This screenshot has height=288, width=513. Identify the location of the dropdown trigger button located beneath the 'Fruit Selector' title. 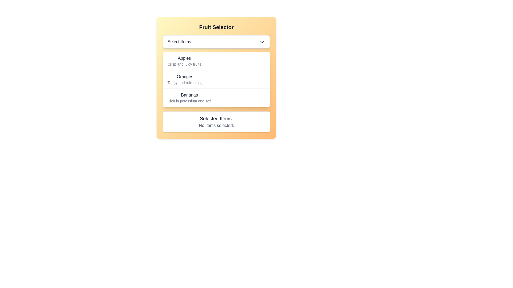
(216, 42).